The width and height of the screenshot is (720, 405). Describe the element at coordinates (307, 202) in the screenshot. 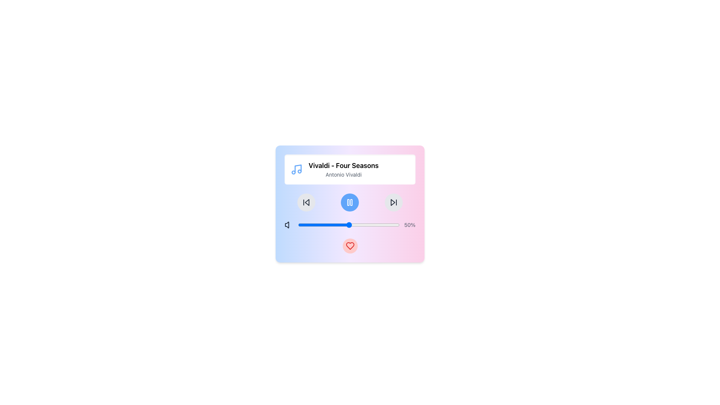

I see `the skip-back button located to the left of the circular pause button in the media control panel to initiate the skip-back action` at that location.